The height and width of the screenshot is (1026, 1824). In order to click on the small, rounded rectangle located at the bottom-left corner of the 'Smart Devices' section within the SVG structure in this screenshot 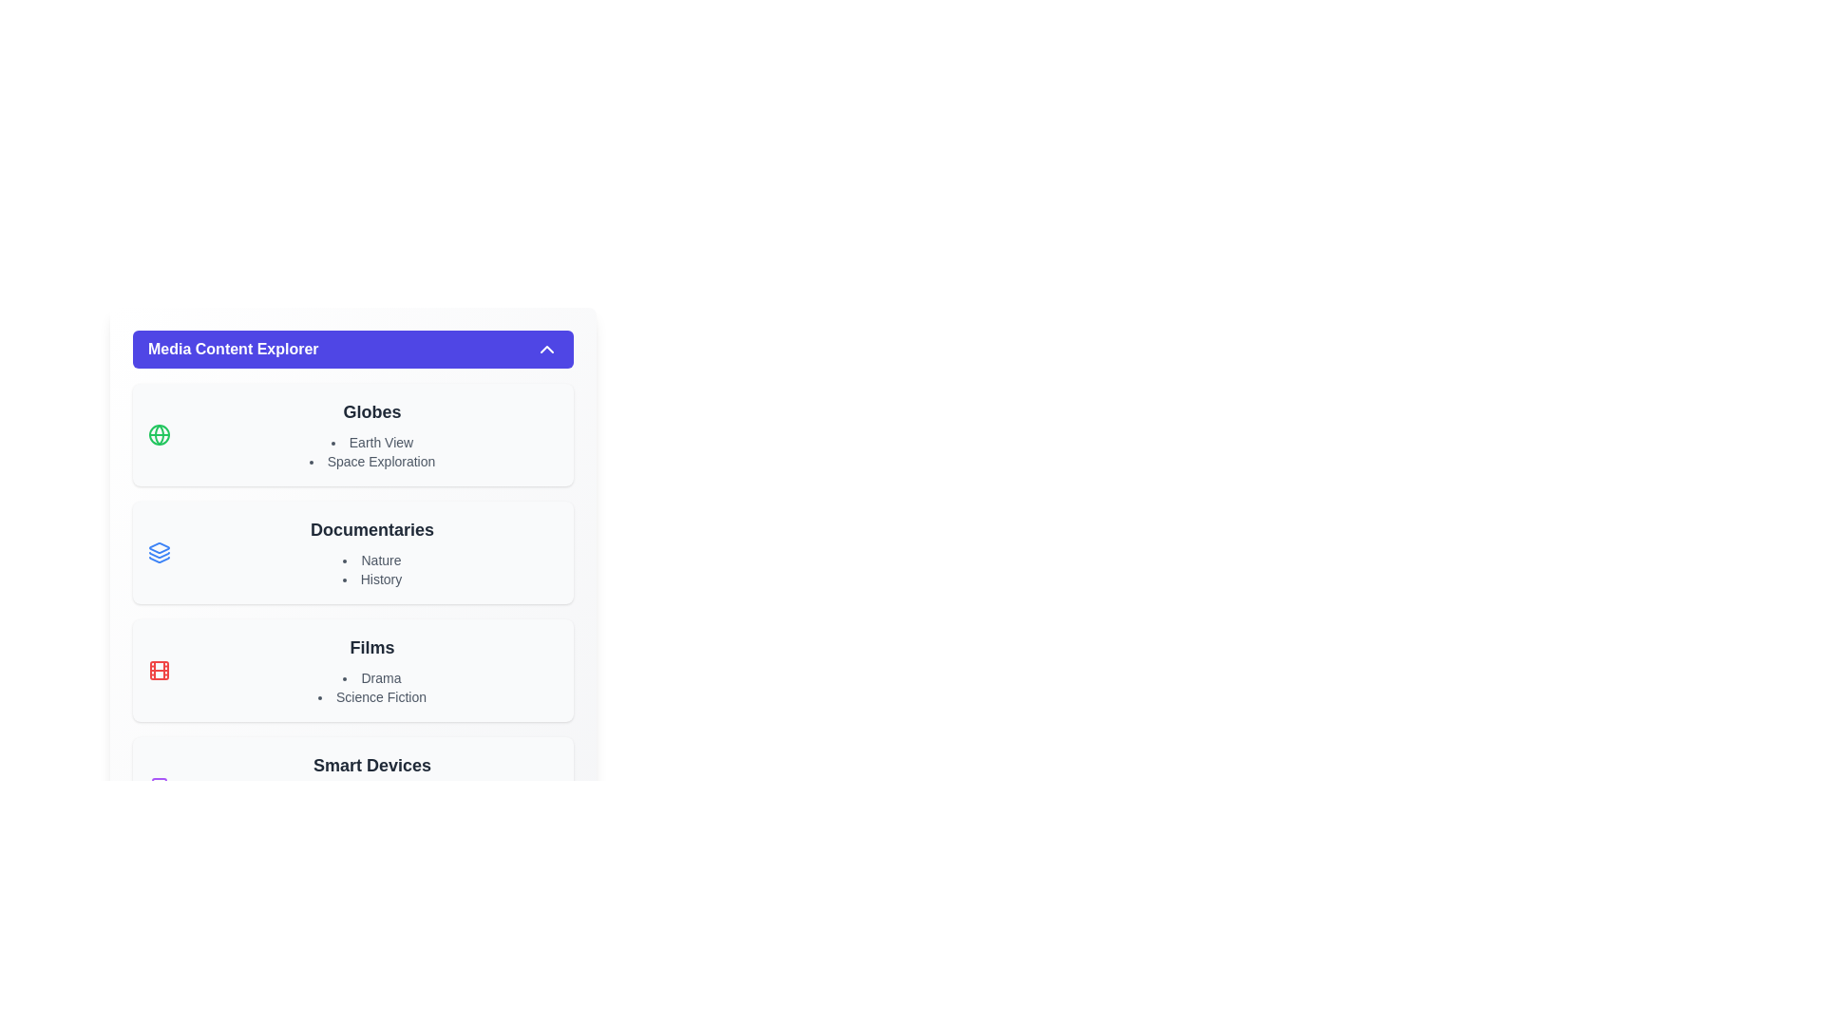, I will do `click(160, 788)`.